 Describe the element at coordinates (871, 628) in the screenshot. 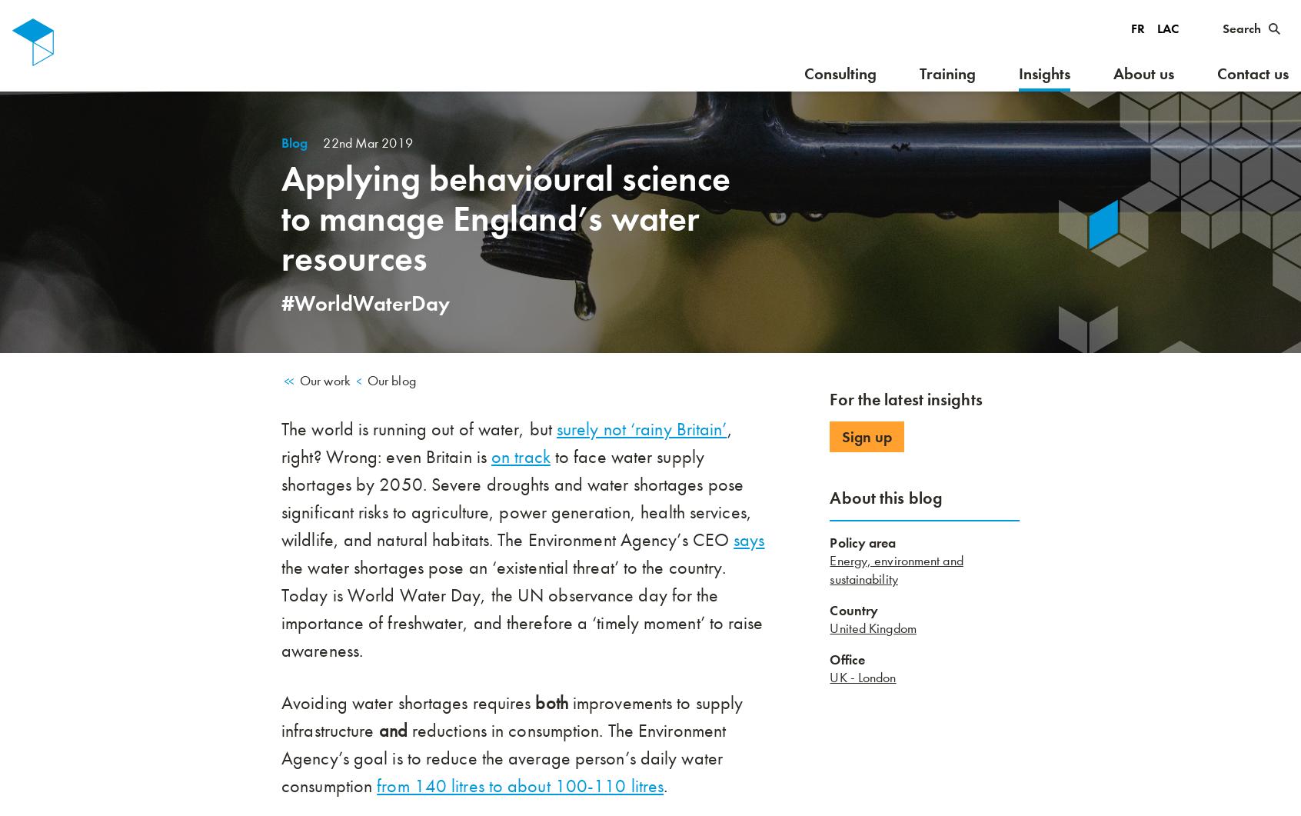

I see `'United Kingdom'` at that location.